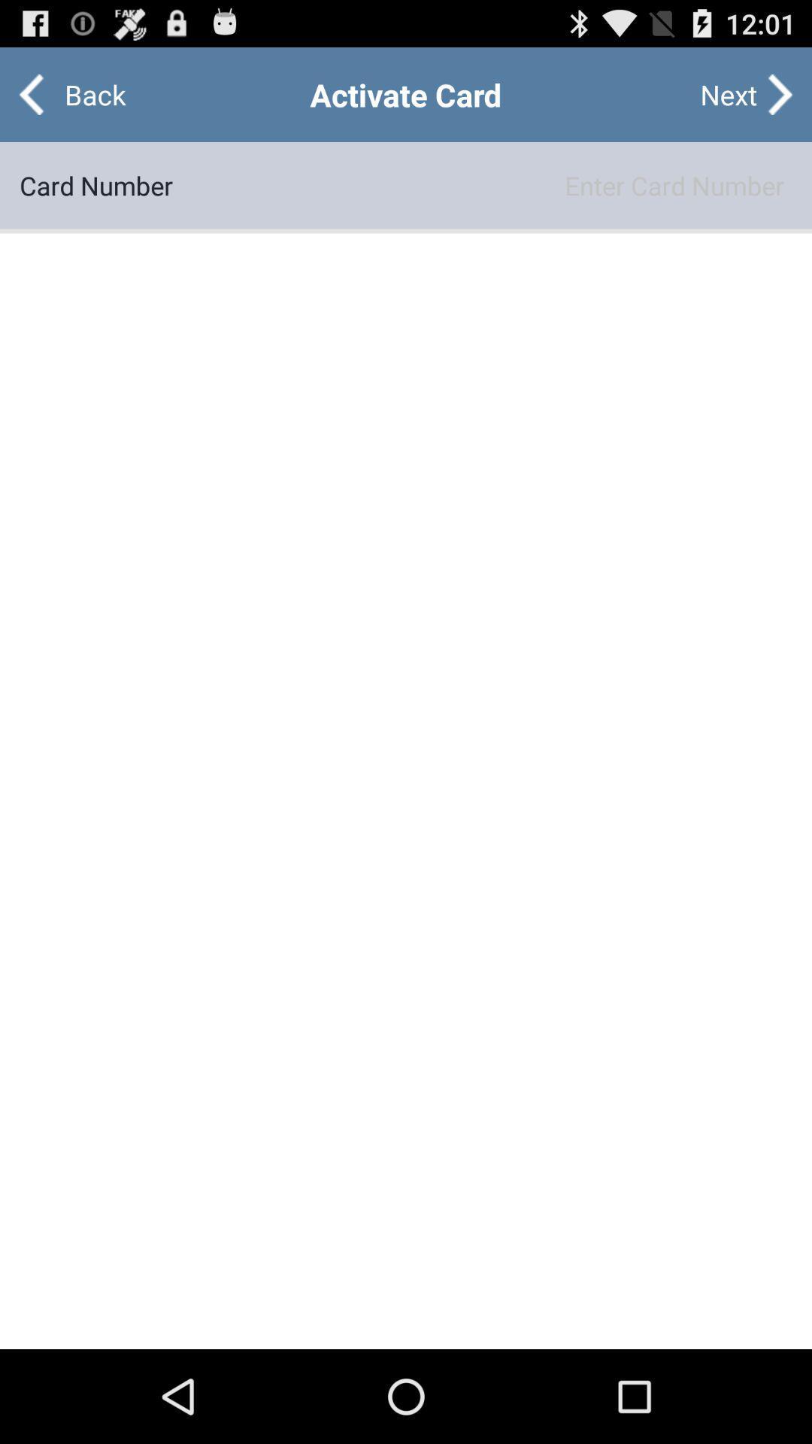 This screenshot has height=1444, width=812. I want to click on icon to the right of the back item, so click(728, 93).